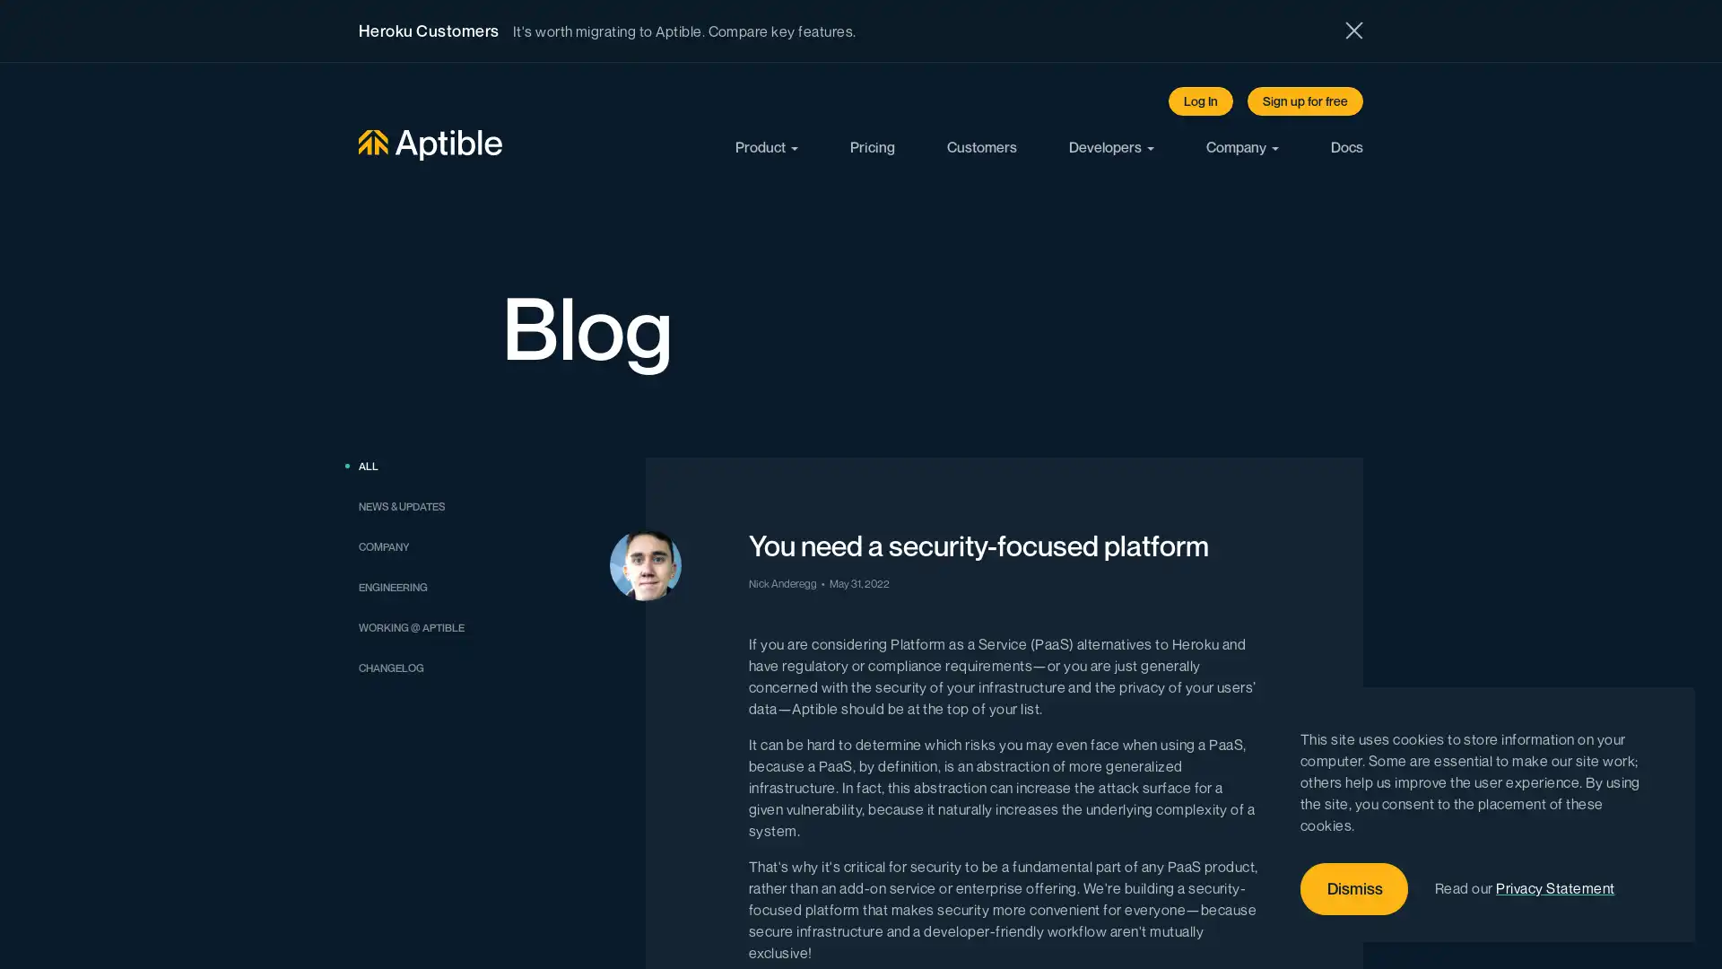  What do you see at coordinates (1305, 100) in the screenshot?
I see `Sign up for free` at bounding box center [1305, 100].